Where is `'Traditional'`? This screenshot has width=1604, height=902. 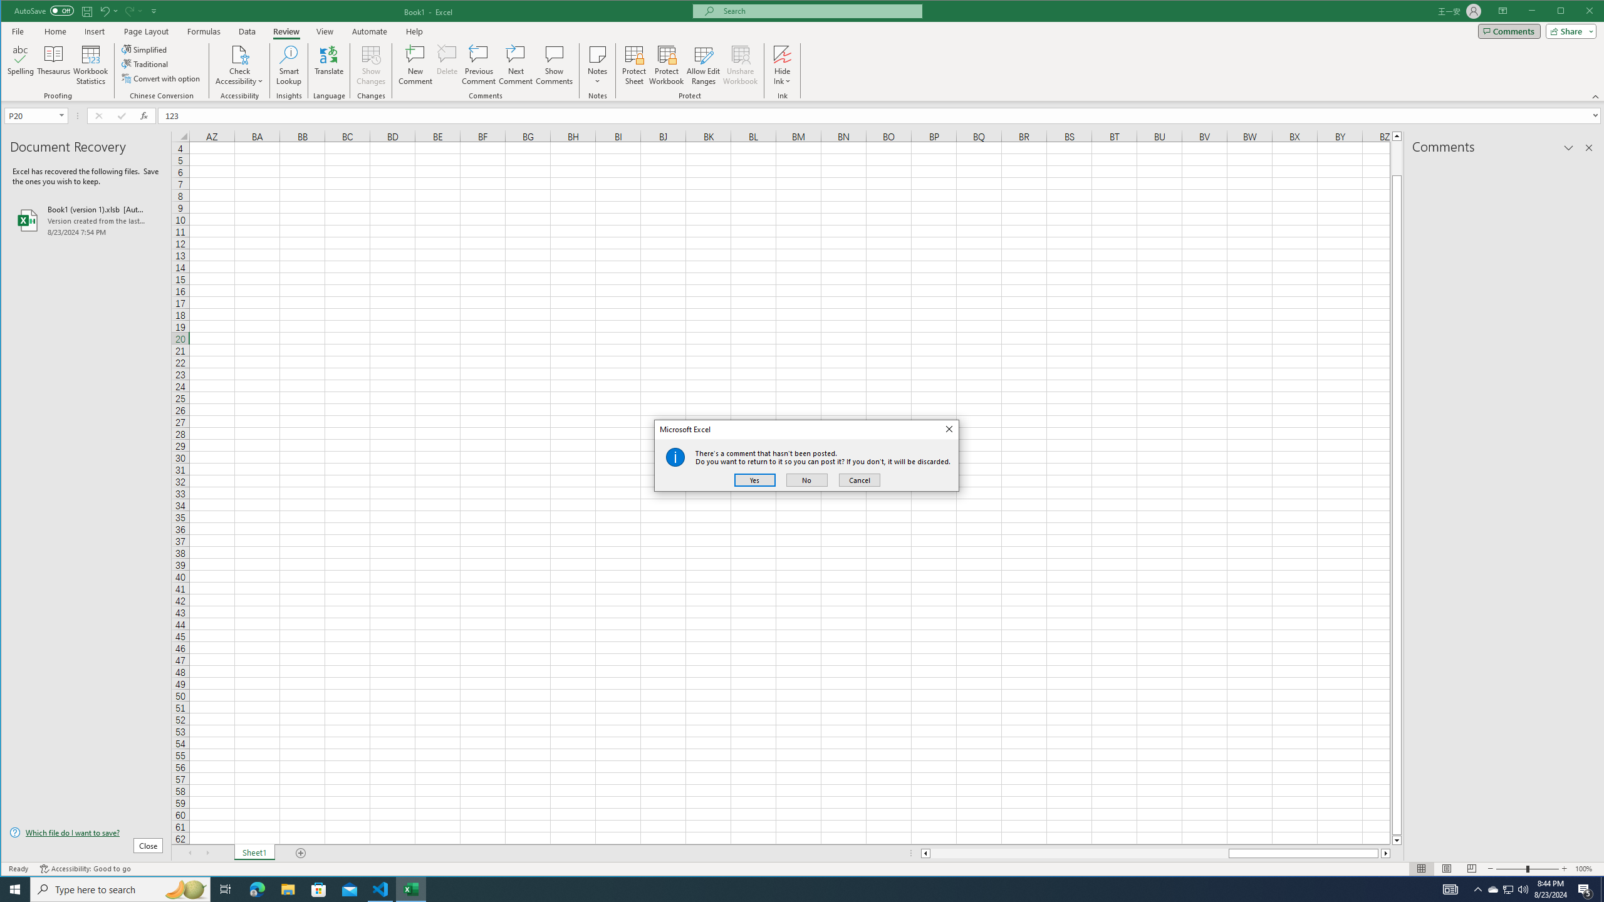 'Traditional' is located at coordinates (145, 64).